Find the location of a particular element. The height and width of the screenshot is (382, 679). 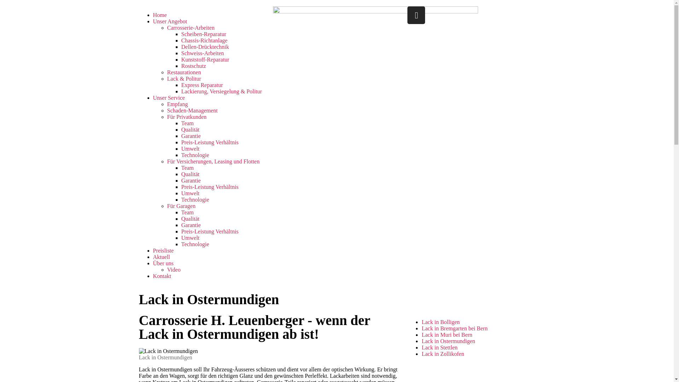

'Lack in Stettlen' is located at coordinates (439, 347).